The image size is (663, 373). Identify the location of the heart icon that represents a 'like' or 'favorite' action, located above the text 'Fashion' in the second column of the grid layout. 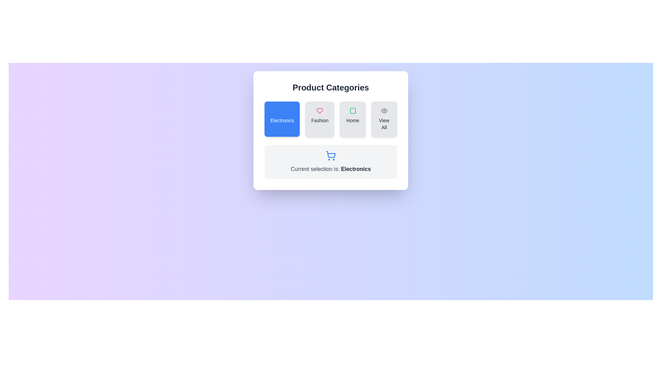
(319, 110).